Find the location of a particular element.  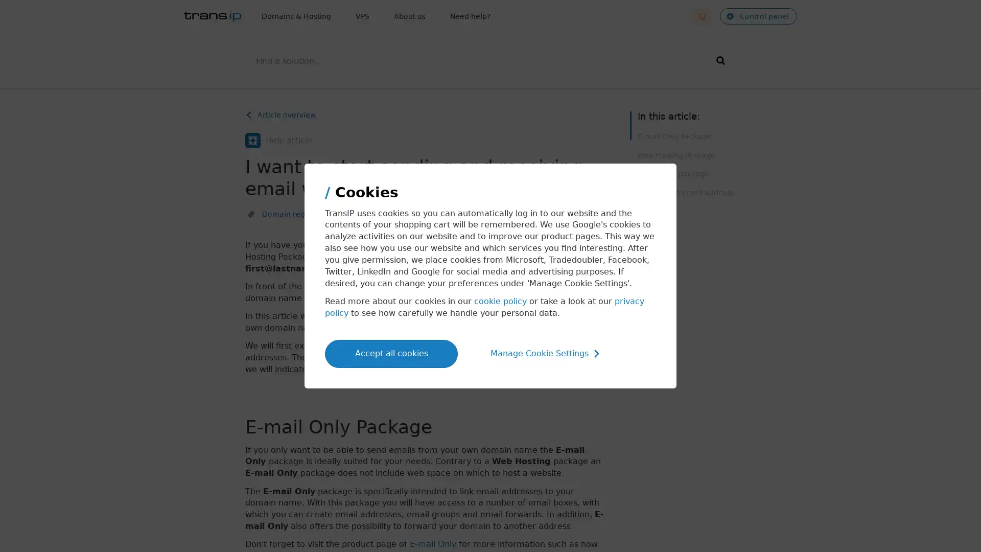

Accept all cookies is located at coordinates (391, 353).